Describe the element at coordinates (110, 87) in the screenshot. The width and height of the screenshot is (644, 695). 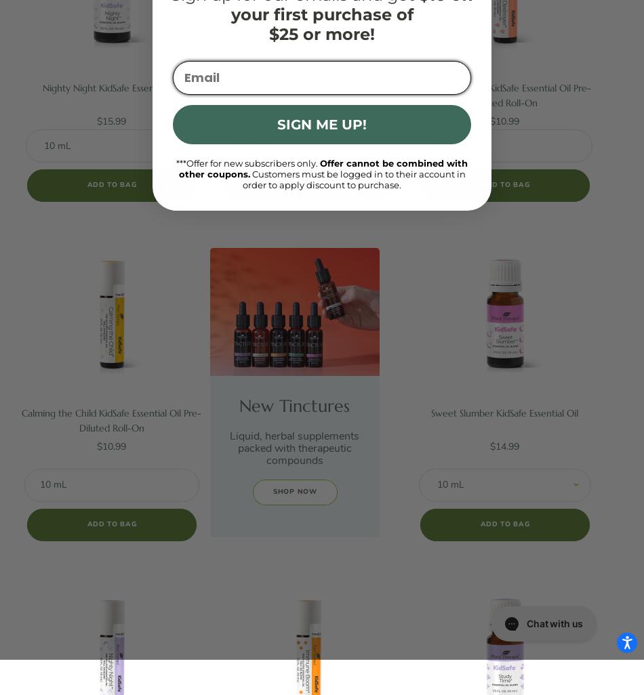
I see `'Nighty Night KidSafe Essential Oil'` at that location.